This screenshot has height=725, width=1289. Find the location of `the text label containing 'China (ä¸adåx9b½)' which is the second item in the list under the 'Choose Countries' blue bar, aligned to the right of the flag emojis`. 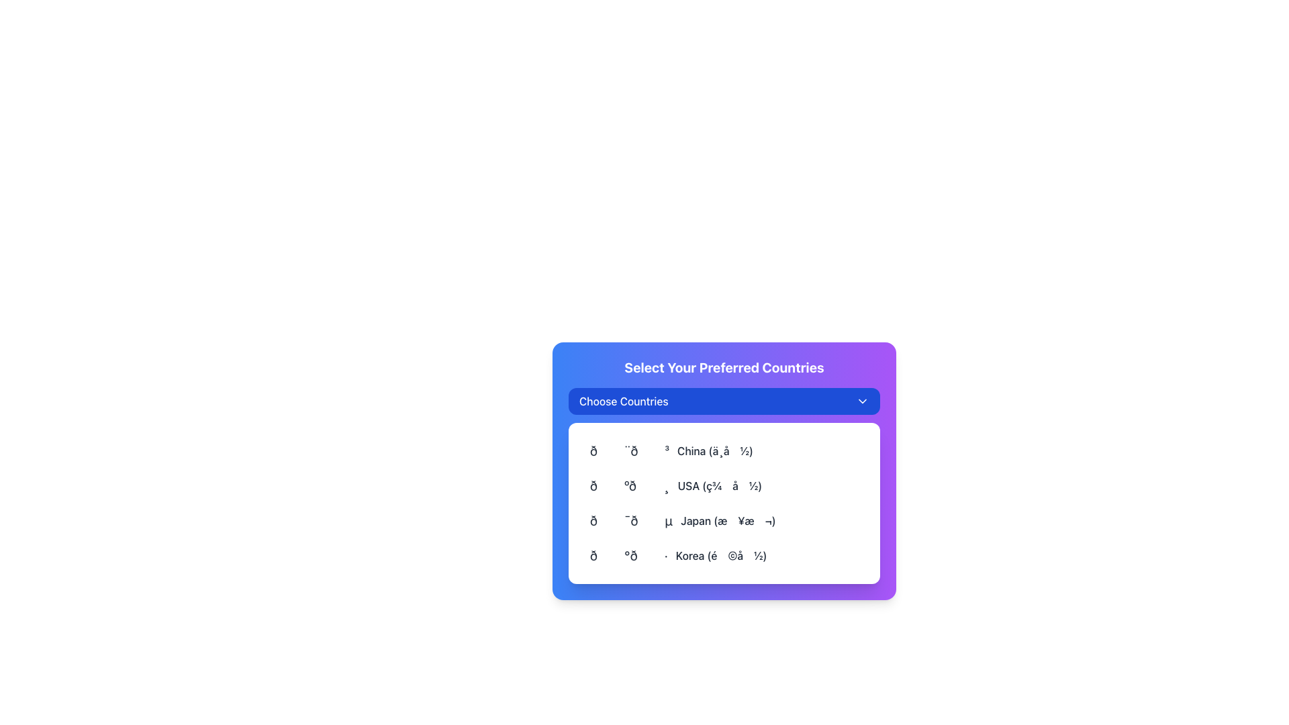

the text label containing 'China (ä¸adåx9b½)' which is the second item in the list under the 'Choose Countries' blue bar, aligned to the right of the flag emojis is located at coordinates (714, 450).